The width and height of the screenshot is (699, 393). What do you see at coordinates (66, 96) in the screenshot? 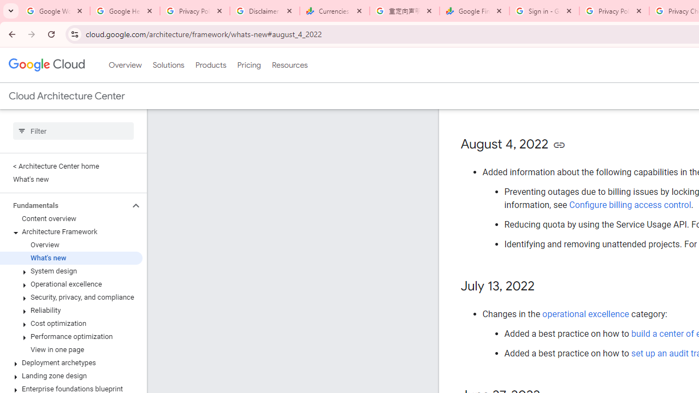
I see `'Cloud Architecture Center'` at bounding box center [66, 96].